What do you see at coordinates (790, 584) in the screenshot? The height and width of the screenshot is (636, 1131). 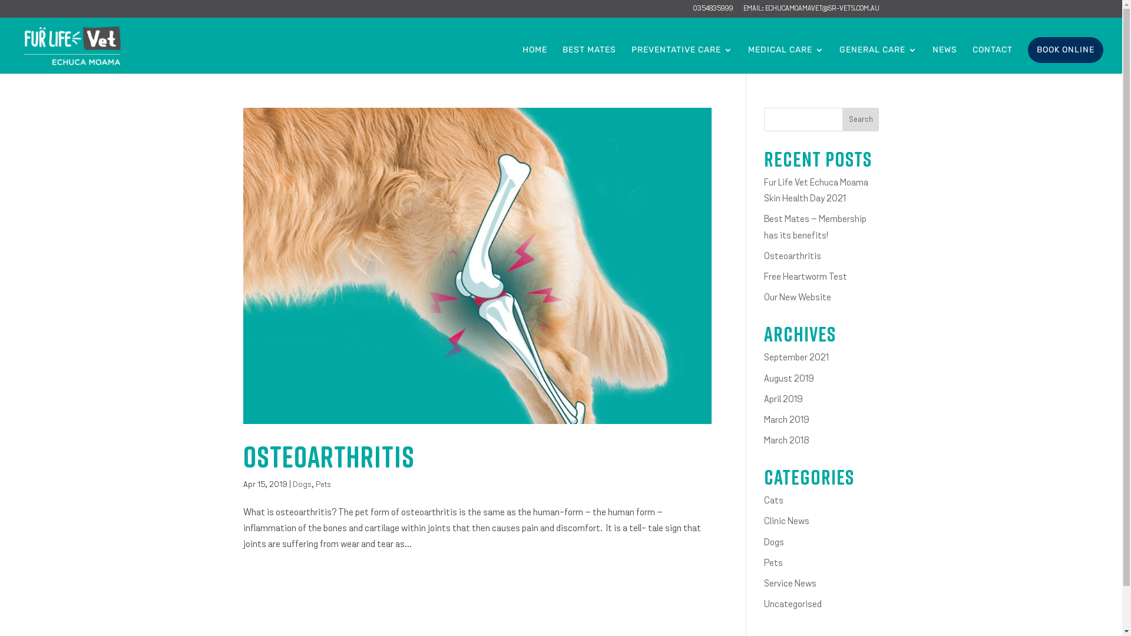 I see `'Service News'` at bounding box center [790, 584].